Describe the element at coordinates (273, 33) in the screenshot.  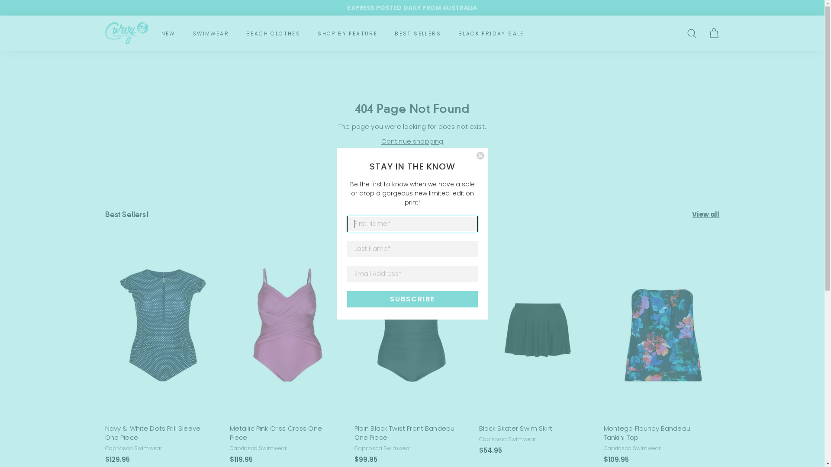
I see `'BEACH CLOTHES'` at that location.